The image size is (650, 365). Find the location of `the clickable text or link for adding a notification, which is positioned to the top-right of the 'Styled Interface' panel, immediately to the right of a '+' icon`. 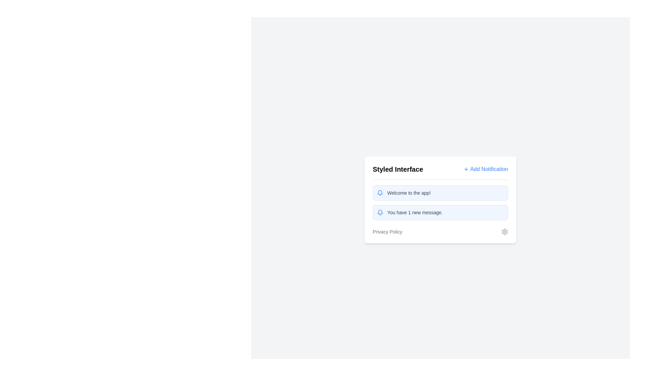

the clickable text or link for adding a notification, which is positioned to the top-right of the 'Styled Interface' panel, immediately to the right of a '+' icon is located at coordinates (489, 169).